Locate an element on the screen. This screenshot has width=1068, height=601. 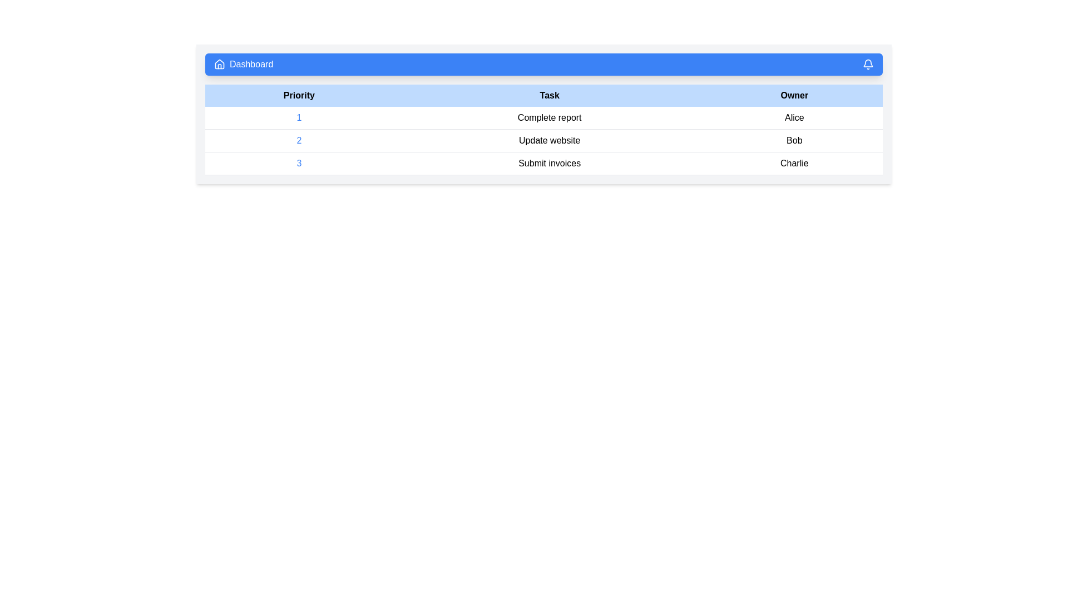
the text label 'Charlie' displayed in black text under the 'Owner' column in the third row of the table is located at coordinates (794, 163).